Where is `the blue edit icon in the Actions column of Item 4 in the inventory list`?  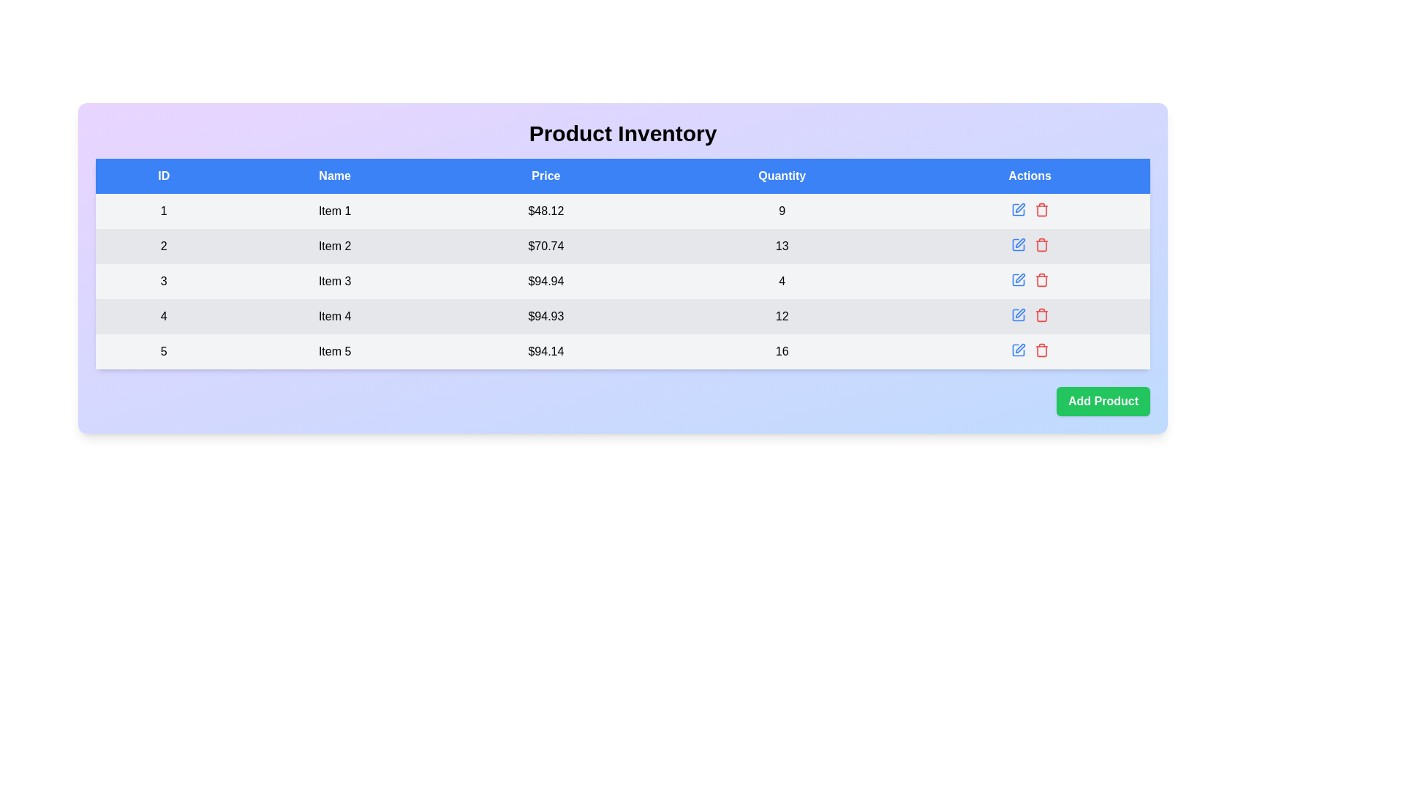
the blue edit icon in the Actions column of Item 4 in the inventory list is located at coordinates (1029, 315).